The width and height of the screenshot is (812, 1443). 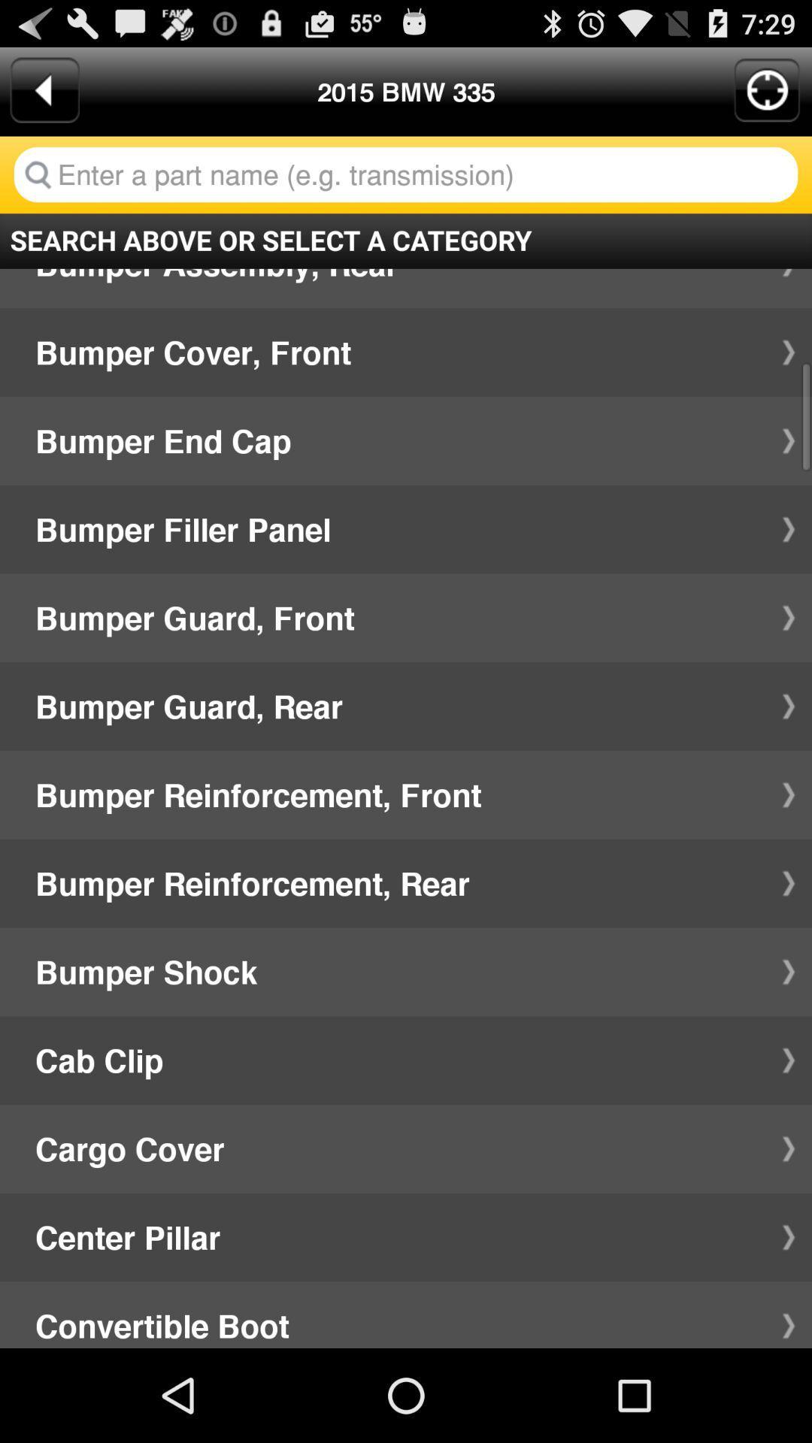 What do you see at coordinates (44, 89) in the screenshot?
I see `the icon to the left of 2015 bmw 335 icon` at bounding box center [44, 89].